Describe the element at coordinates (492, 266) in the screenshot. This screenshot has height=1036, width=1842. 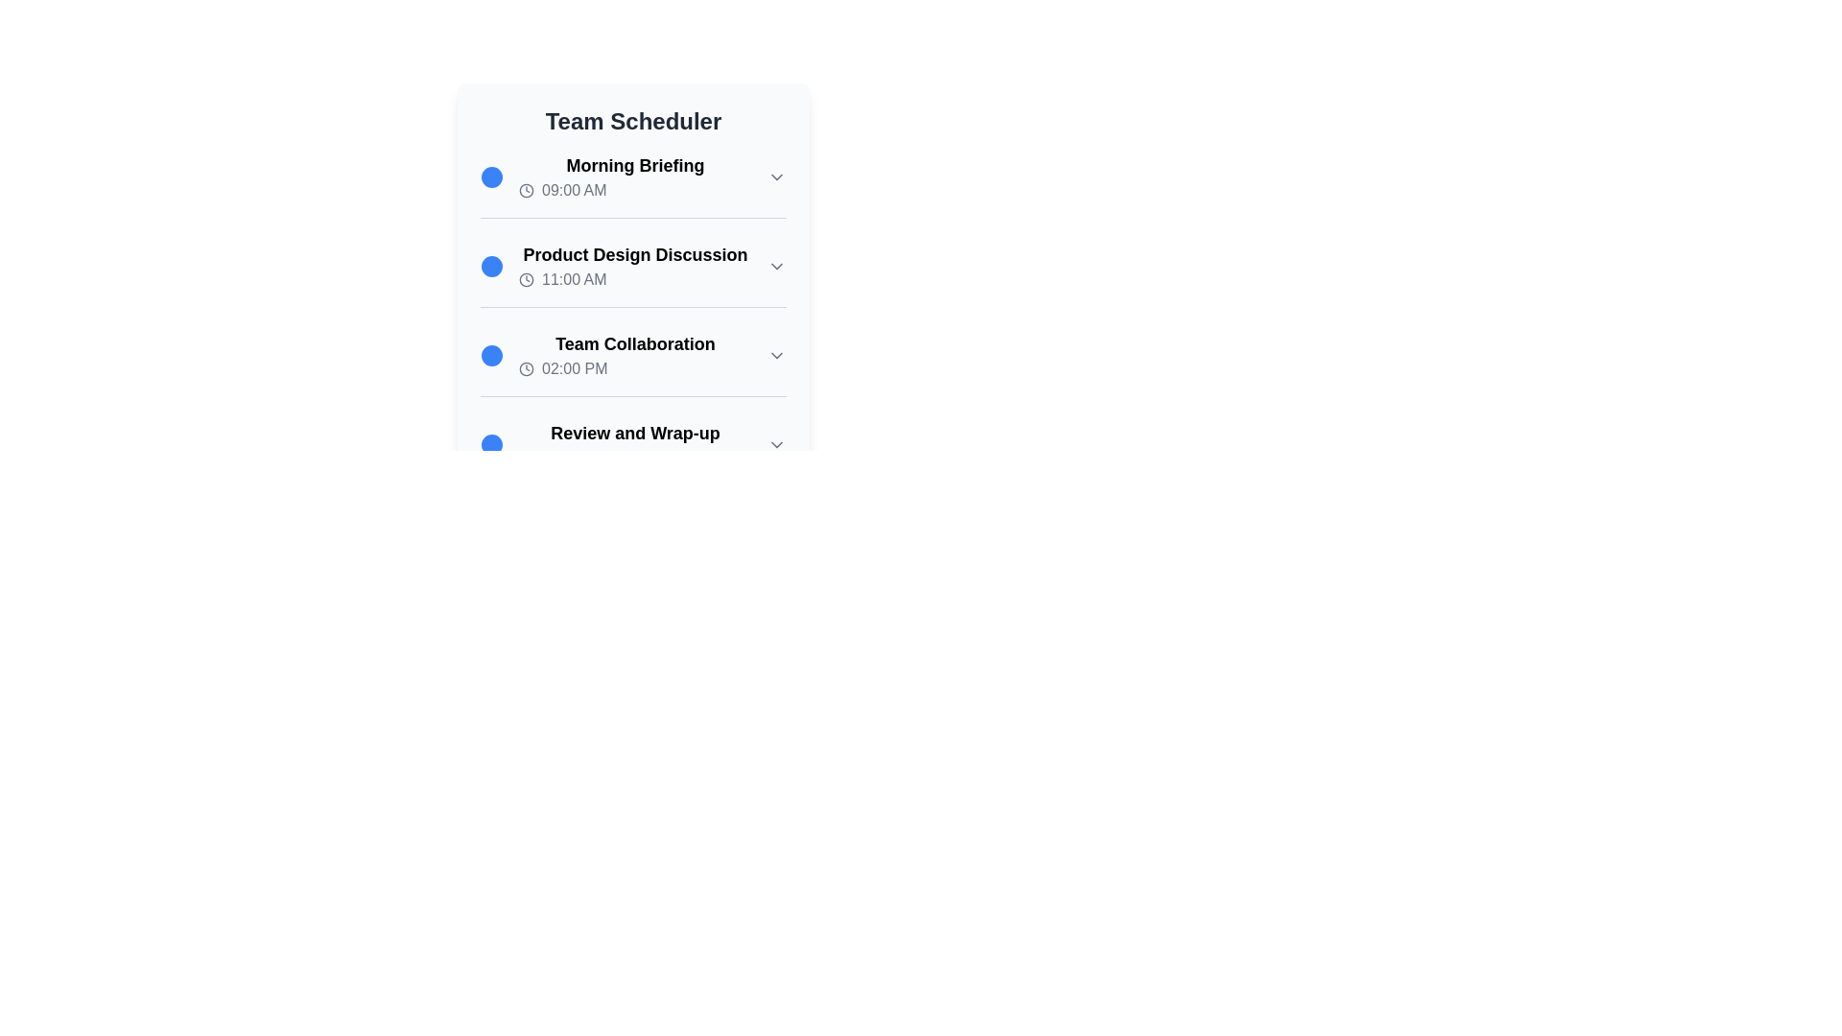
I see `the blue circular SVG element that serves as a visual marker in the 'Team Scheduler' section, located near the center of the second list item` at that location.